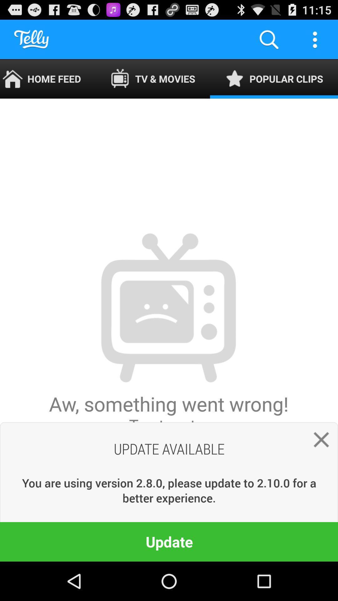  What do you see at coordinates (48, 79) in the screenshot?
I see `home feed item` at bounding box center [48, 79].